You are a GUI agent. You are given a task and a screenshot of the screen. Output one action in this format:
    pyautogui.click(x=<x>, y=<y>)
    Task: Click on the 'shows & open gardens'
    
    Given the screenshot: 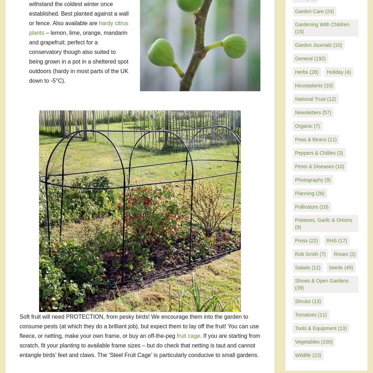 What is the action you would take?
    pyautogui.click(x=295, y=280)
    